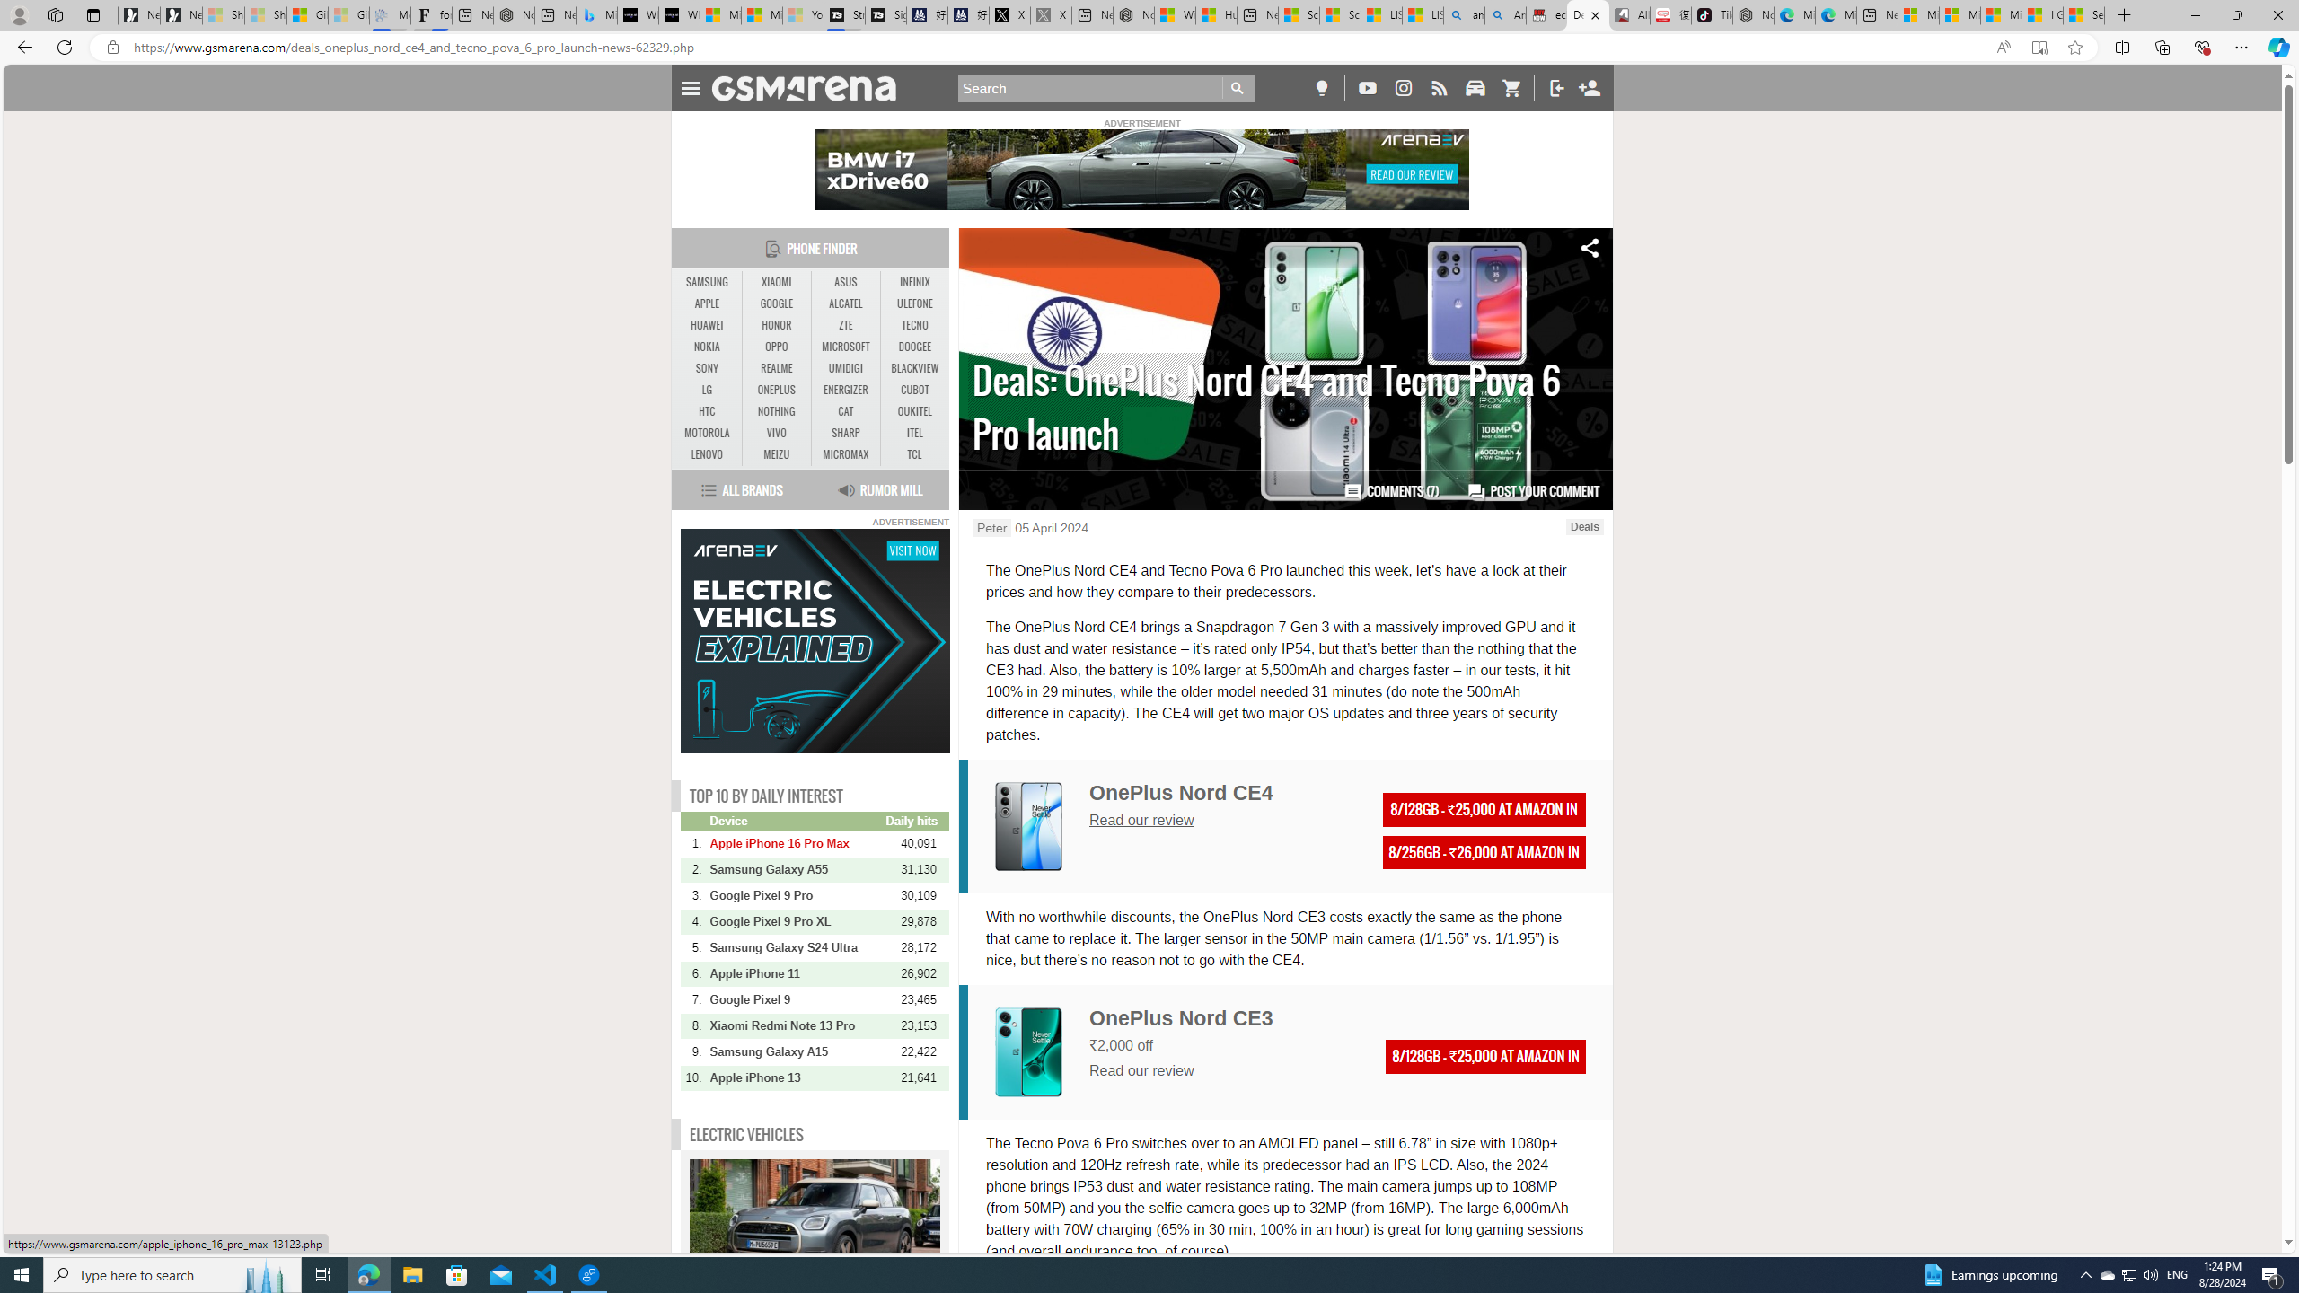 This screenshot has width=2299, height=1293. Describe the element at coordinates (707, 367) in the screenshot. I see `'SONY'` at that location.